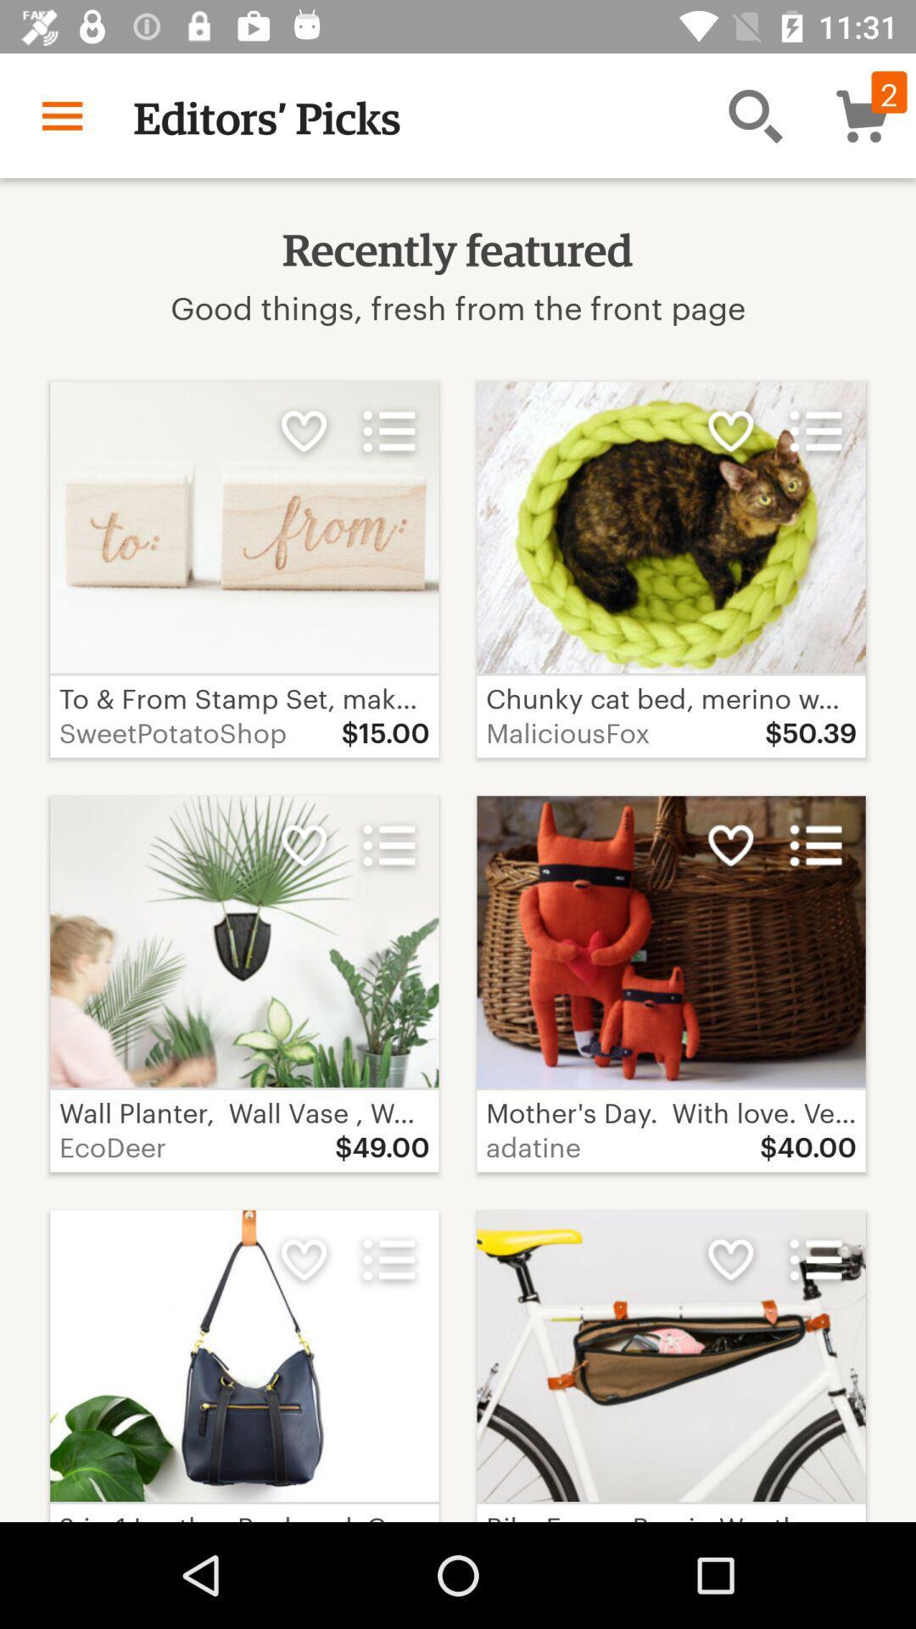  Describe the element at coordinates (244, 1355) in the screenshot. I see `the fifth image` at that location.